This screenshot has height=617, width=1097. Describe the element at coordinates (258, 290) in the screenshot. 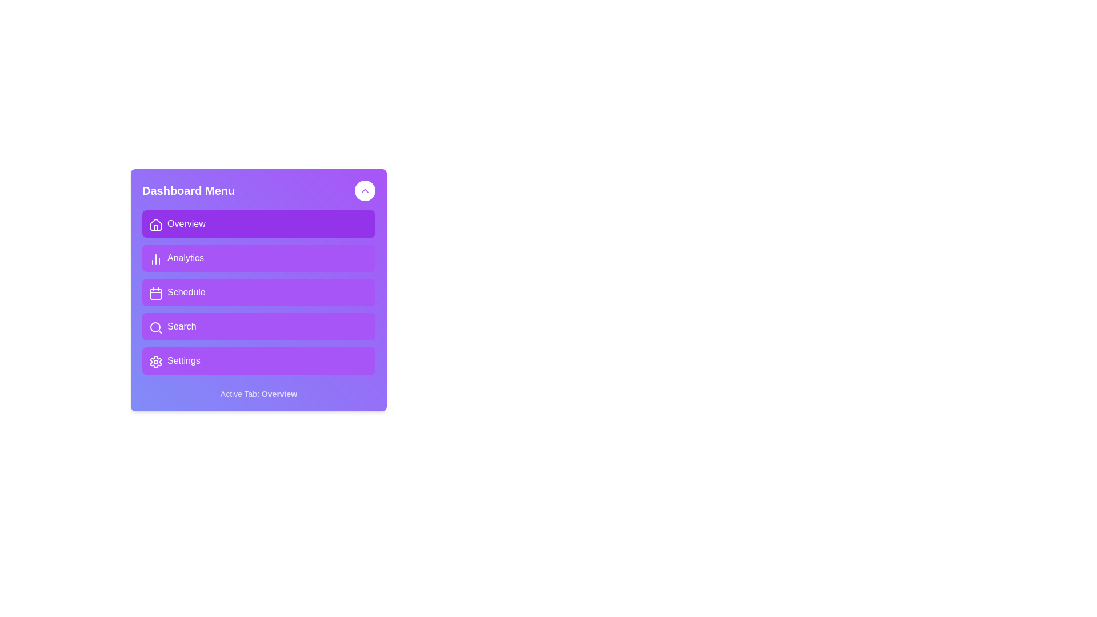

I see `the third item in the vertical menu panel` at that location.